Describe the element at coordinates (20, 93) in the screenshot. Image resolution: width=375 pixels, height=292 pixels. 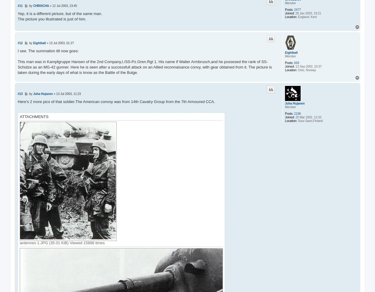
I see `'#13'` at that location.